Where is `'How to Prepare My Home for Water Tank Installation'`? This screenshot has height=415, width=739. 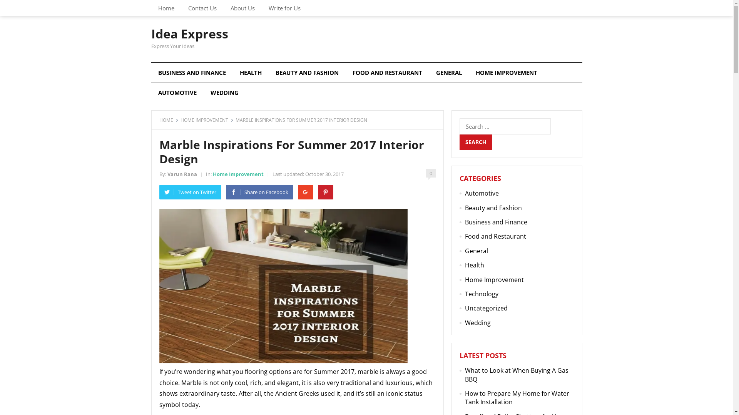 'How to Prepare My Home for Water Tank Installation' is located at coordinates (517, 397).